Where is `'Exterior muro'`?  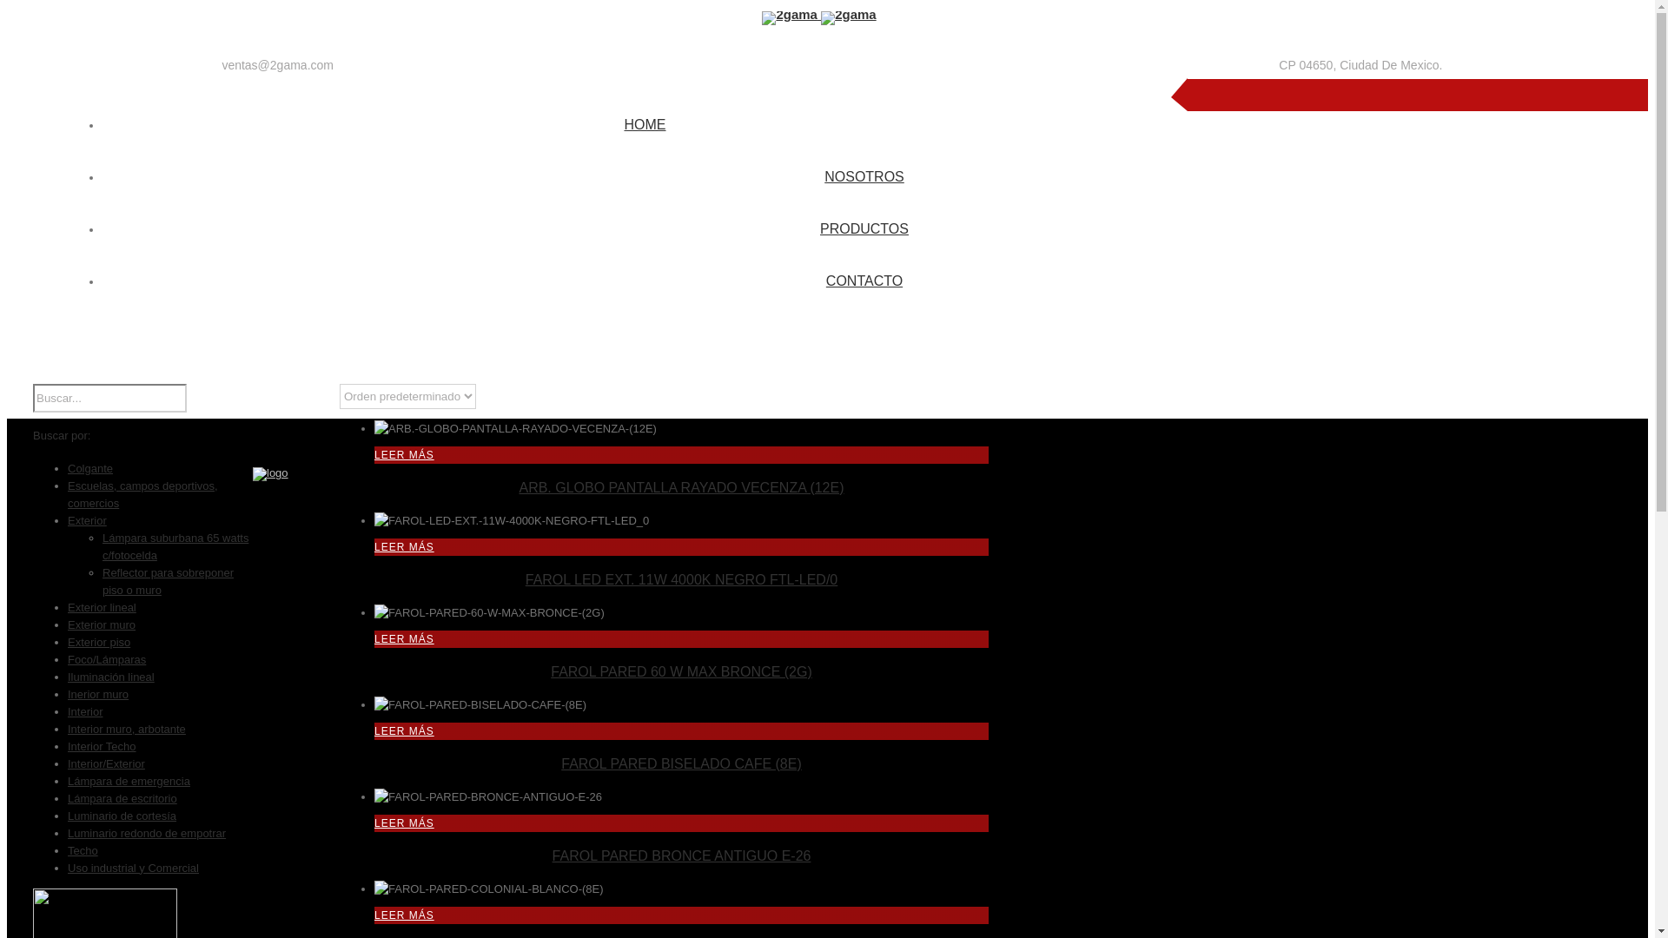 'Exterior muro' is located at coordinates (100, 624).